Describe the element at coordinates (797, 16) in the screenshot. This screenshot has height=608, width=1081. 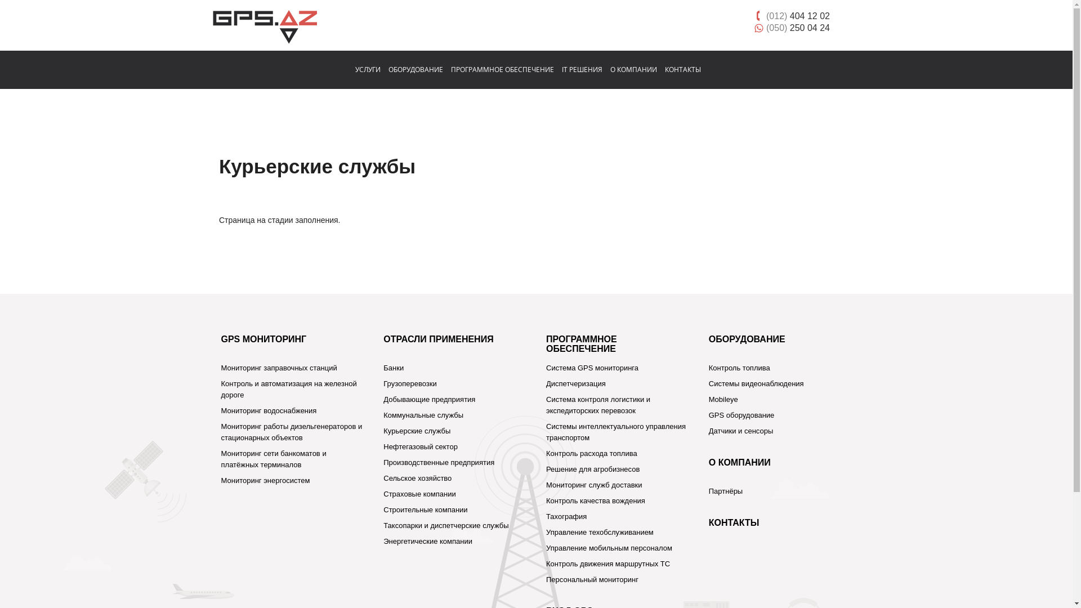
I see `'(012) 404 12 02'` at that location.